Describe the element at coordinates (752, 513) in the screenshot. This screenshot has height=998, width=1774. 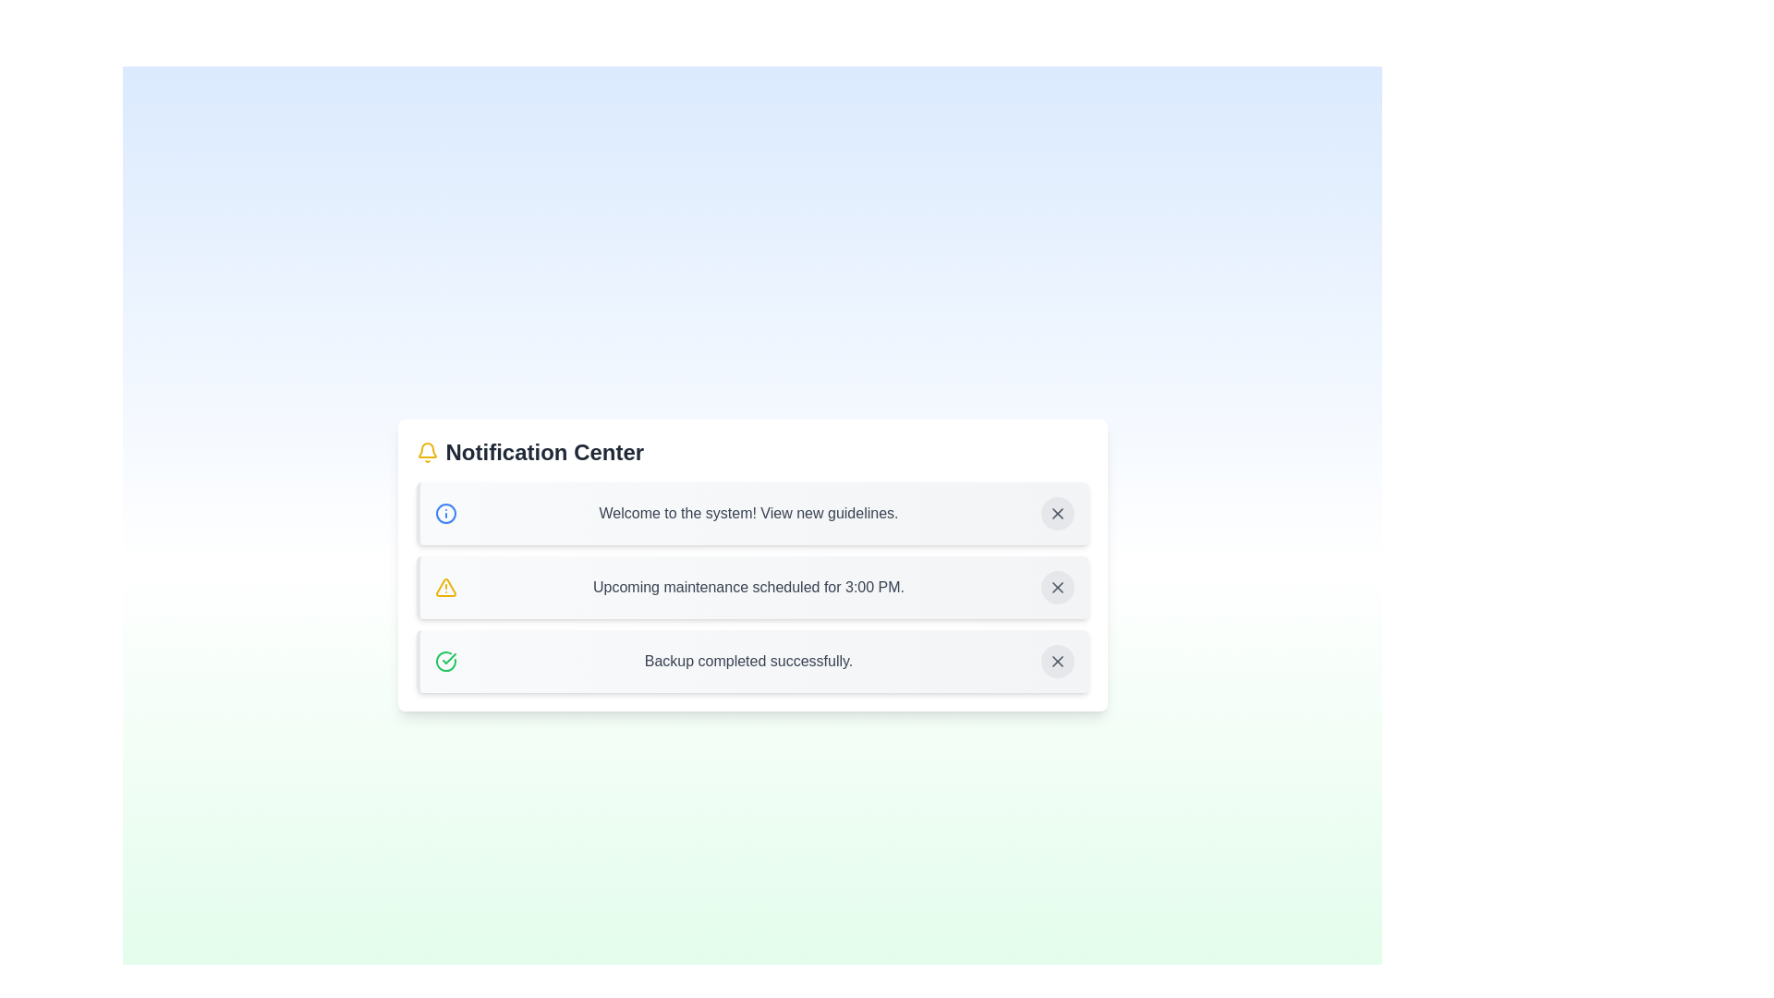
I see `notification text from the first notification card in the Notification Center, which contains 'Welcome to the system! View new guidelines.'` at that location.